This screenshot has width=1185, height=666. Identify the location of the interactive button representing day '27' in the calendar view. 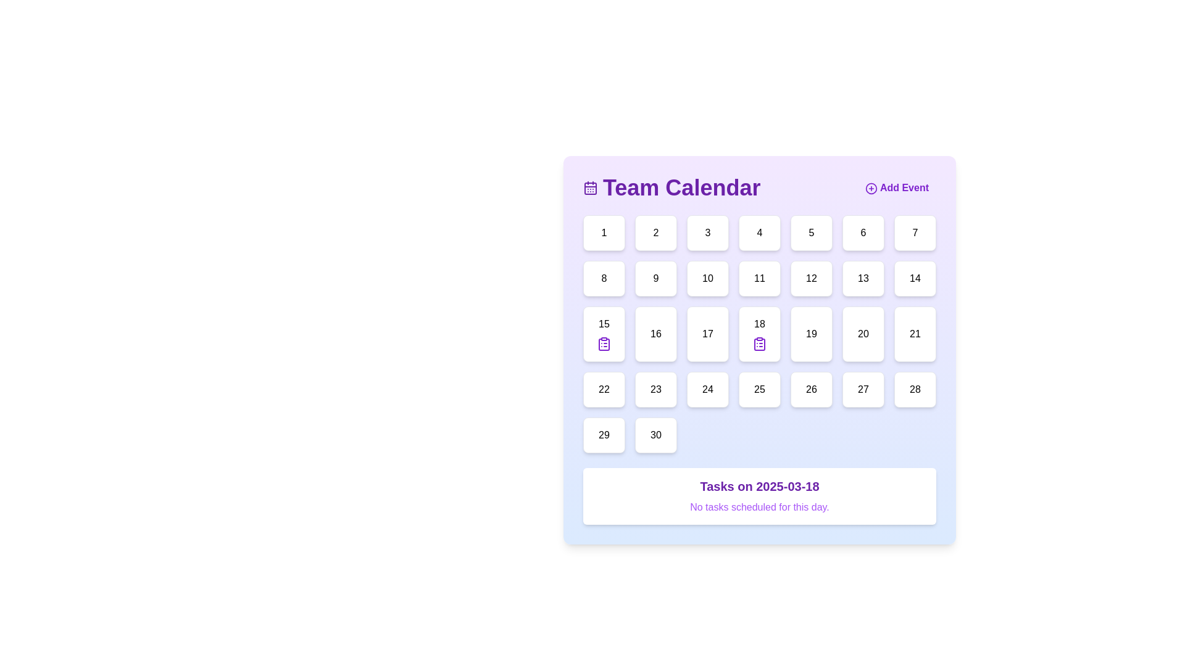
(862, 390).